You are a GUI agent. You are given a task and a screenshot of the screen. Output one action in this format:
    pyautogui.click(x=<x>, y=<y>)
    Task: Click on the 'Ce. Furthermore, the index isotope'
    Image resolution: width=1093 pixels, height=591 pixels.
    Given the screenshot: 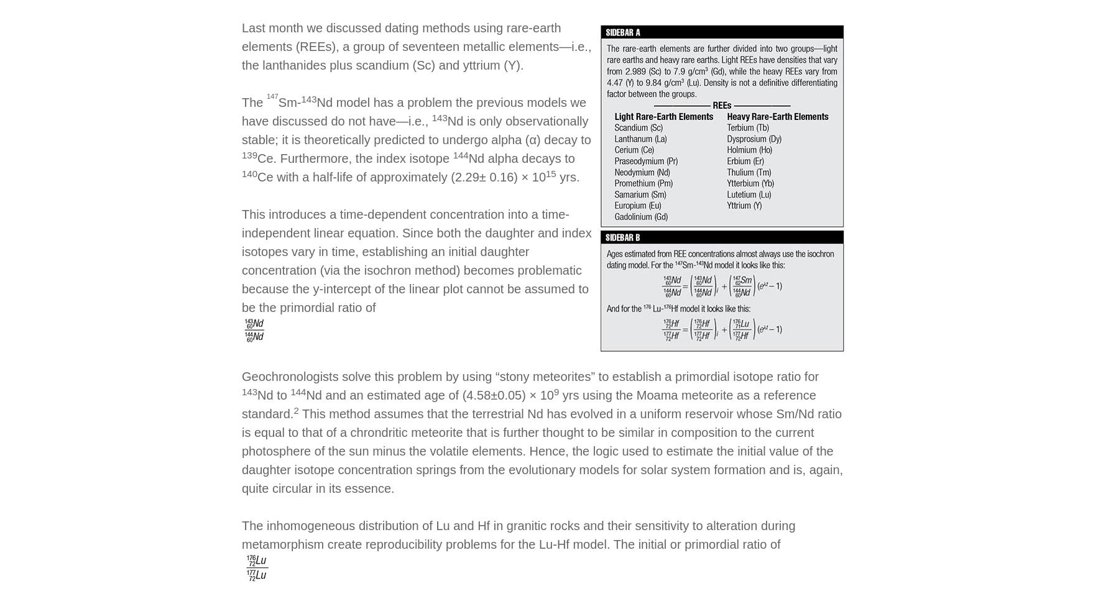 What is the action you would take?
    pyautogui.click(x=257, y=158)
    